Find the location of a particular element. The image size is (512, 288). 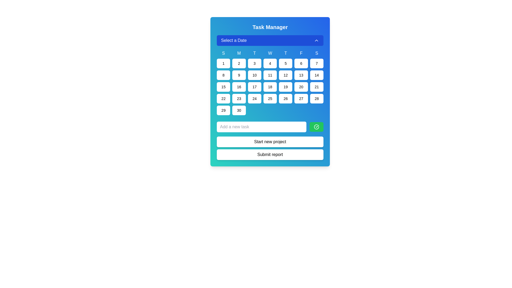

the button representing the date '21' in the calendar section of the task management interface is located at coordinates (317, 87).